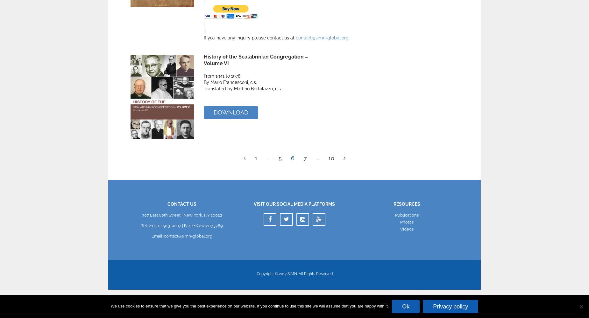  I want to click on 'contact@simn-global.org', so click(322, 38).